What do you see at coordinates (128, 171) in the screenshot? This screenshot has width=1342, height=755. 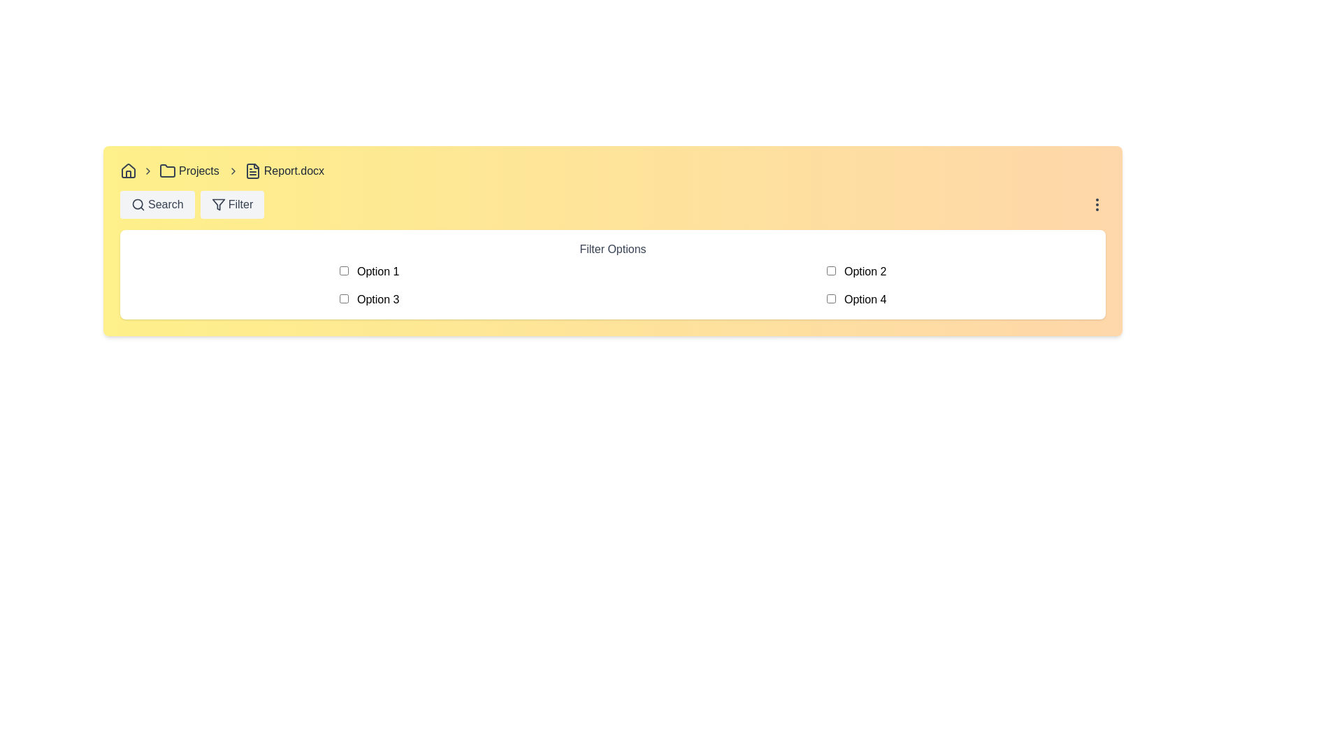 I see `the 'Home' icon located at the top-left corner of the breadcrumb navigation bar` at bounding box center [128, 171].